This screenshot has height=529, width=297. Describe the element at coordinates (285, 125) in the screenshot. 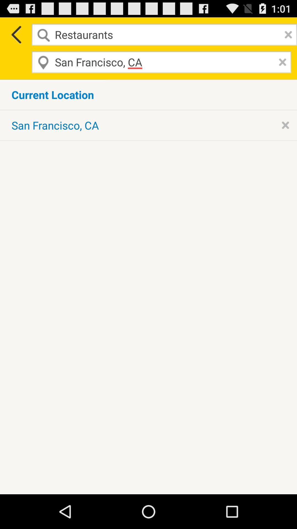

I see `this location` at that location.